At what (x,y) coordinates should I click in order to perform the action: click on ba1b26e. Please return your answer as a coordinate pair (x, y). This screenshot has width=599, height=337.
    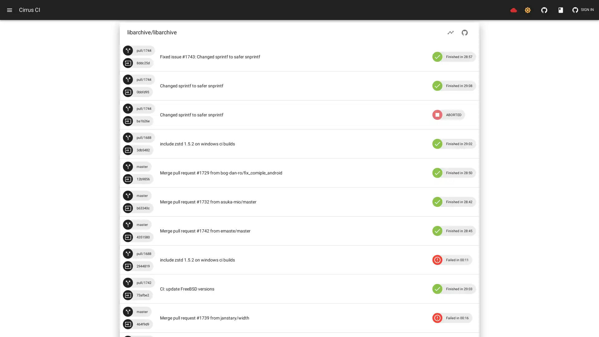
    Looking at the image, I should click on (138, 121).